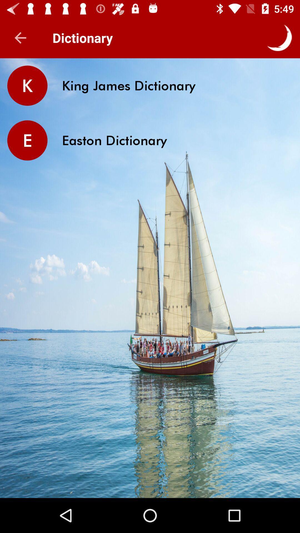 Image resolution: width=300 pixels, height=533 pixels. I want to click on icon button, so click(279, 37).